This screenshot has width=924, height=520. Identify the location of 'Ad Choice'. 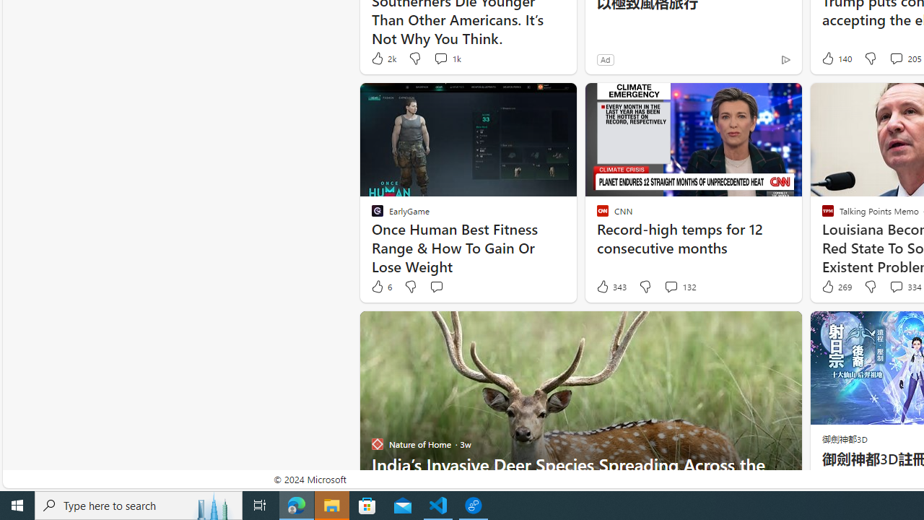
(785, 58).